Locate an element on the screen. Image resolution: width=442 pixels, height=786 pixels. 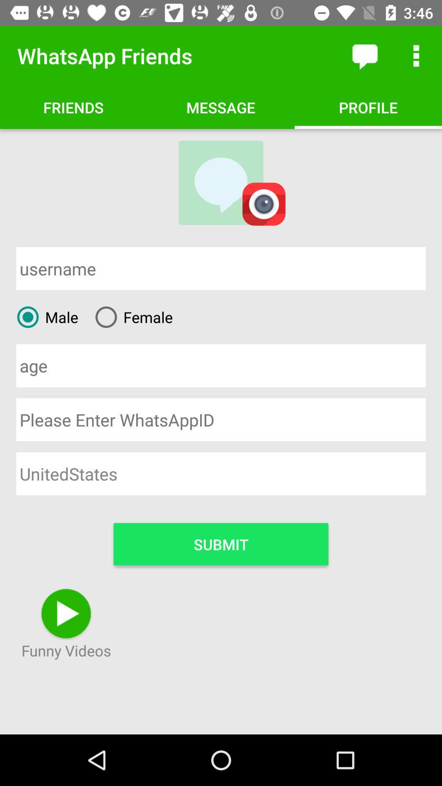
option right to friends is located at coordinates (221, 107).